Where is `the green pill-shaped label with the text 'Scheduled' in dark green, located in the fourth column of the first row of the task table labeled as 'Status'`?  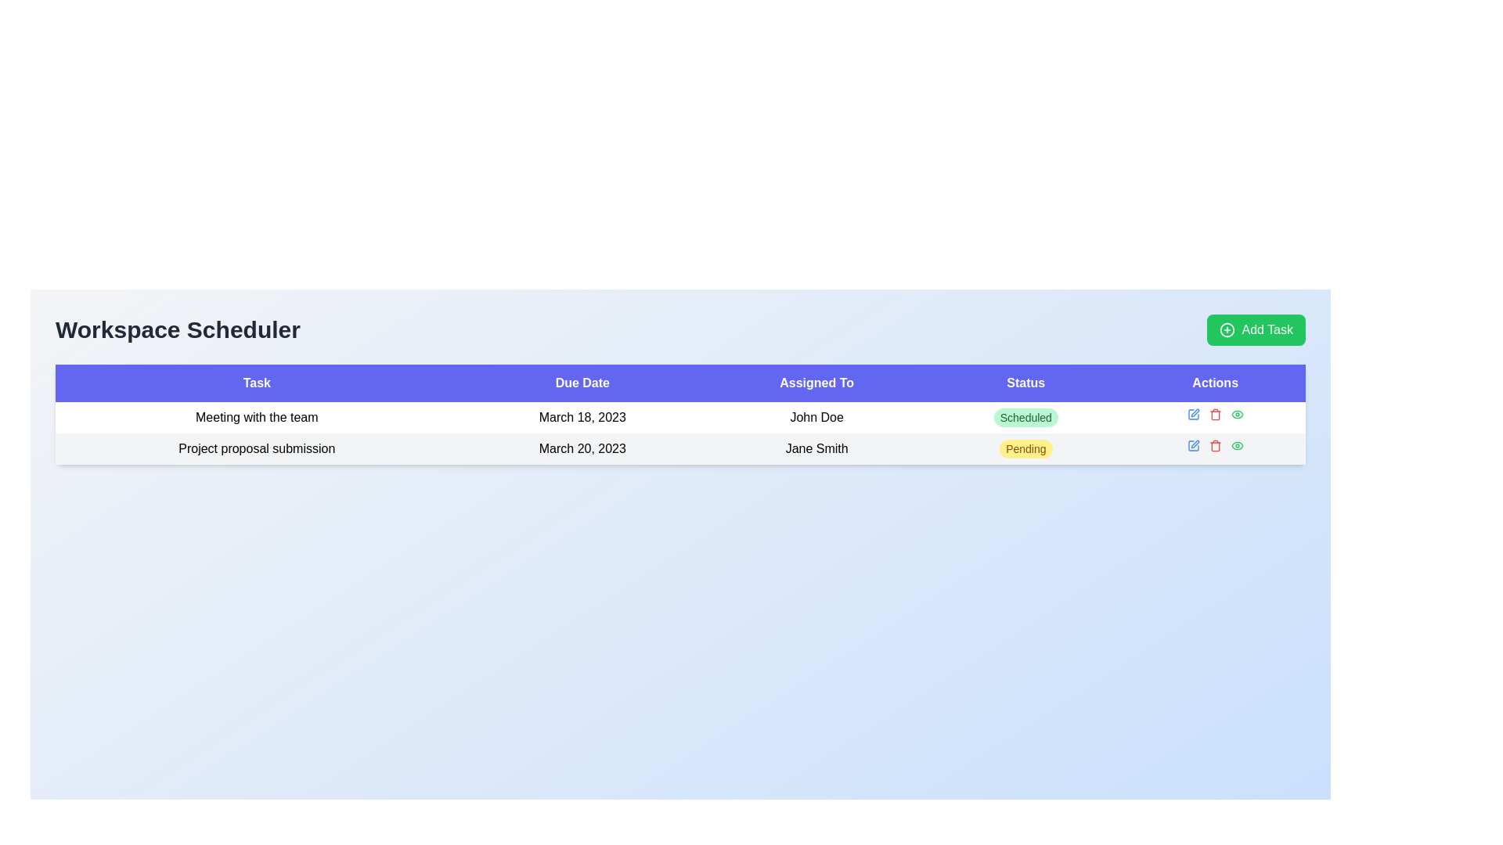 the green pill-shaped label with the text 'Scheduled' in dark green, located in the fourth column of the first row of the task table labeled as 'Status' is located at coordinates (1025, 416).